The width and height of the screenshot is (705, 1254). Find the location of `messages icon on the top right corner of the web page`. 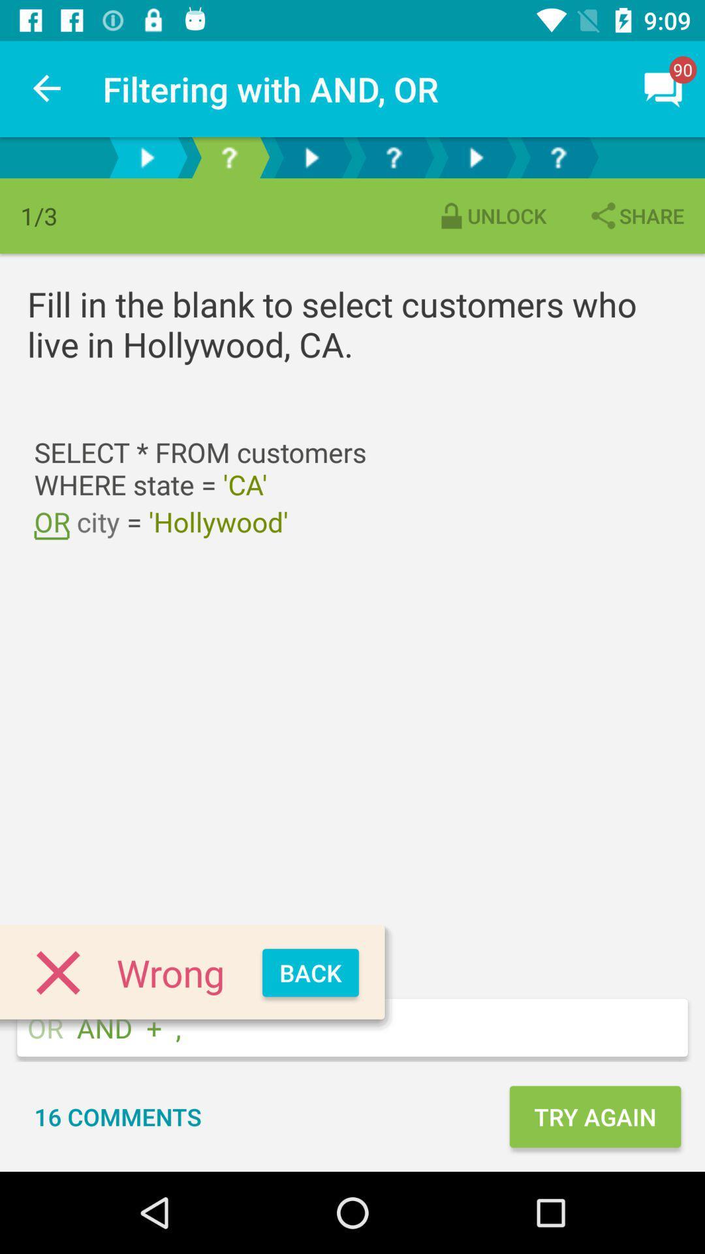

messages icon on the top right corner of the web page is located at coordinates (664, 89).